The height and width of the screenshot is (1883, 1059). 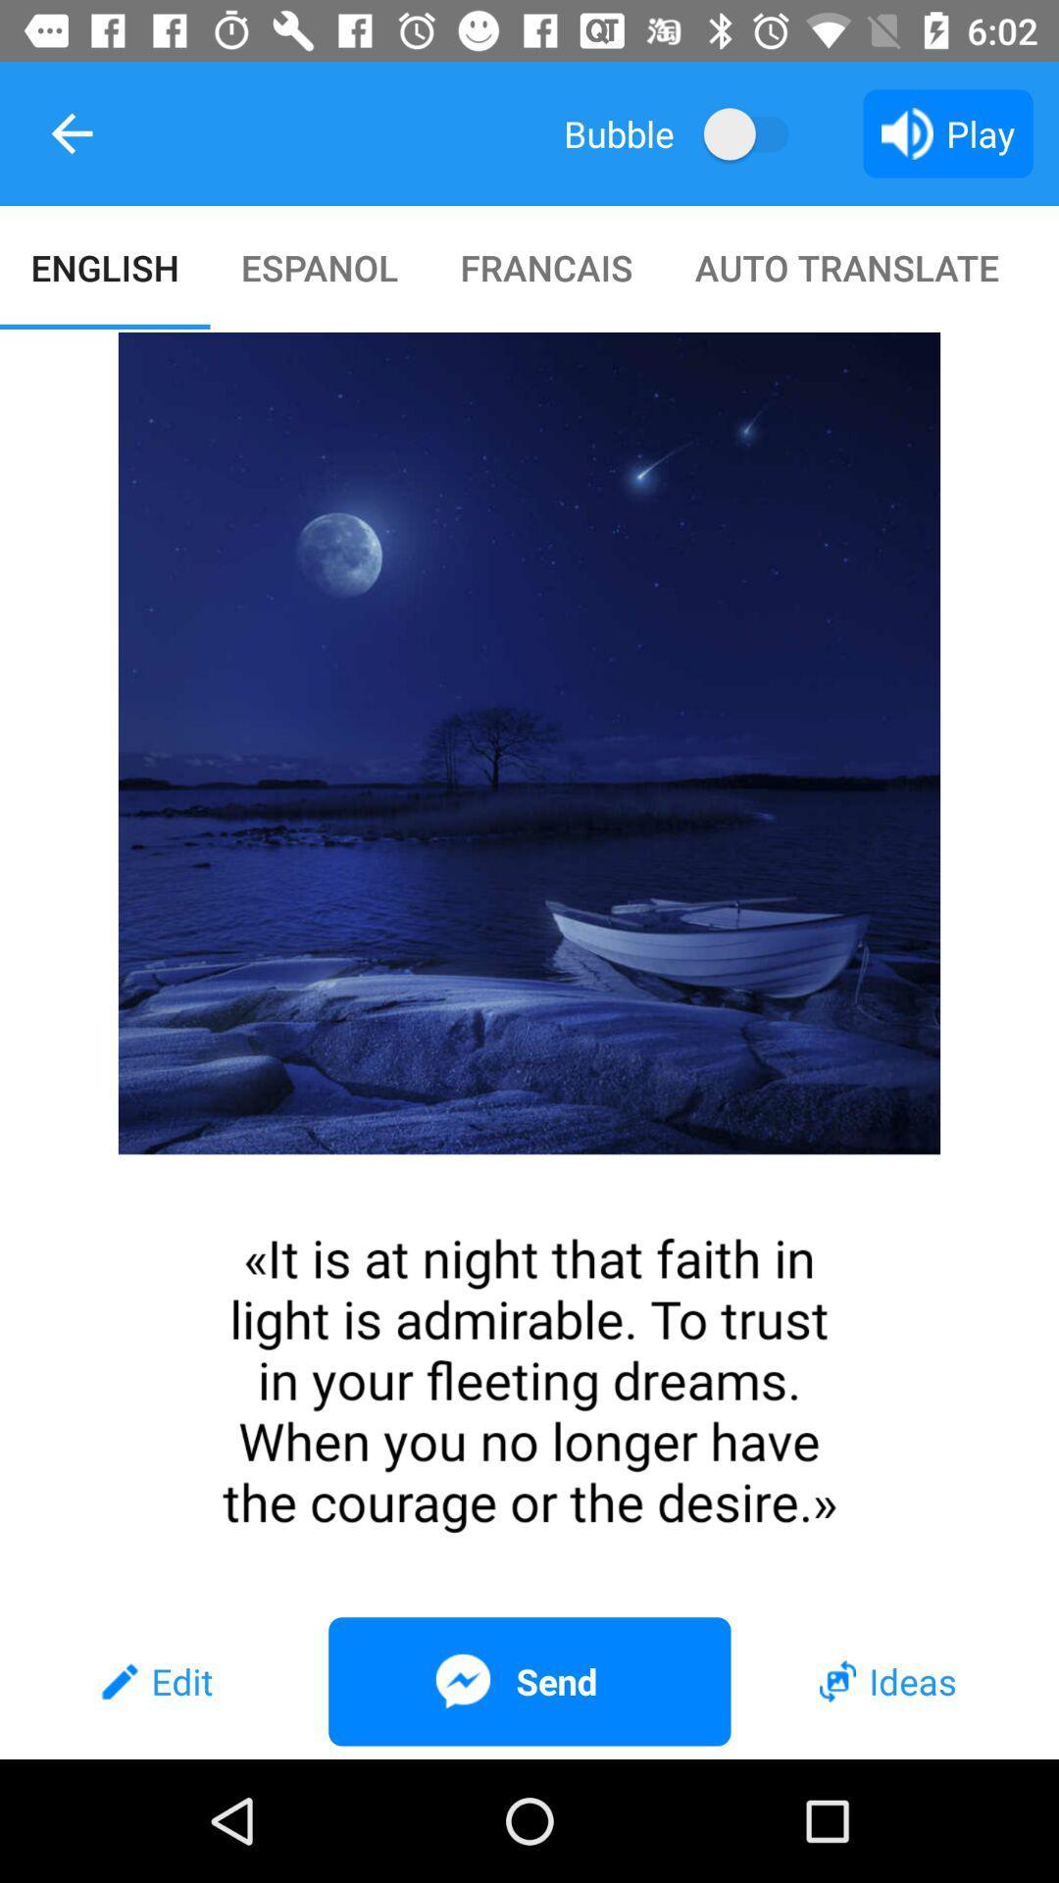 What do you see at coordinates (529, 968) in the screenshot?
I see `item below the english icon` at bounding box center [529, 968].